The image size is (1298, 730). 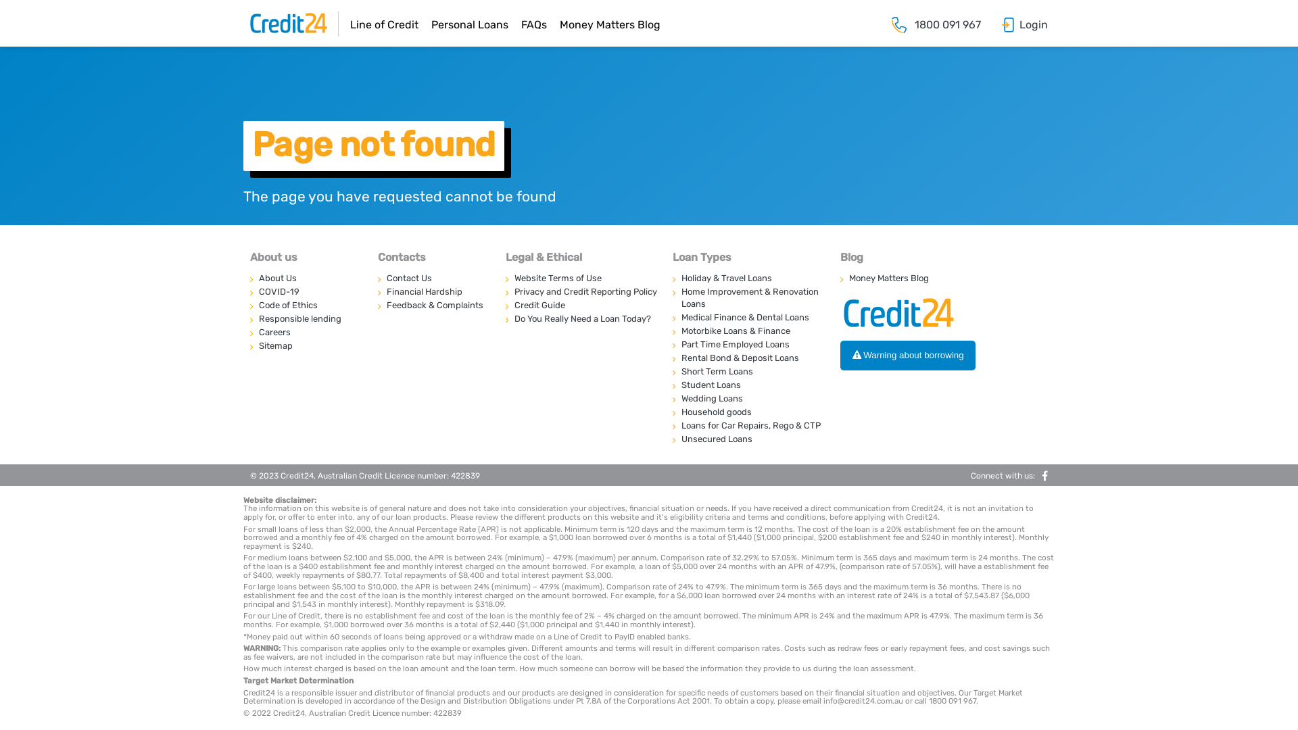 I want to click on 'Wedding Loans', so click(x=672, y=398).